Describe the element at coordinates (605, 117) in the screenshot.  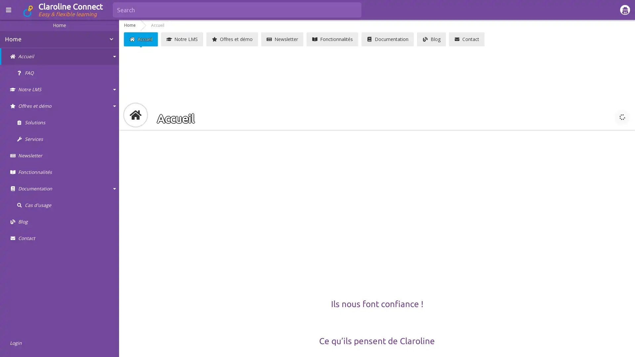
I see `Show in fullscreen` at that location.